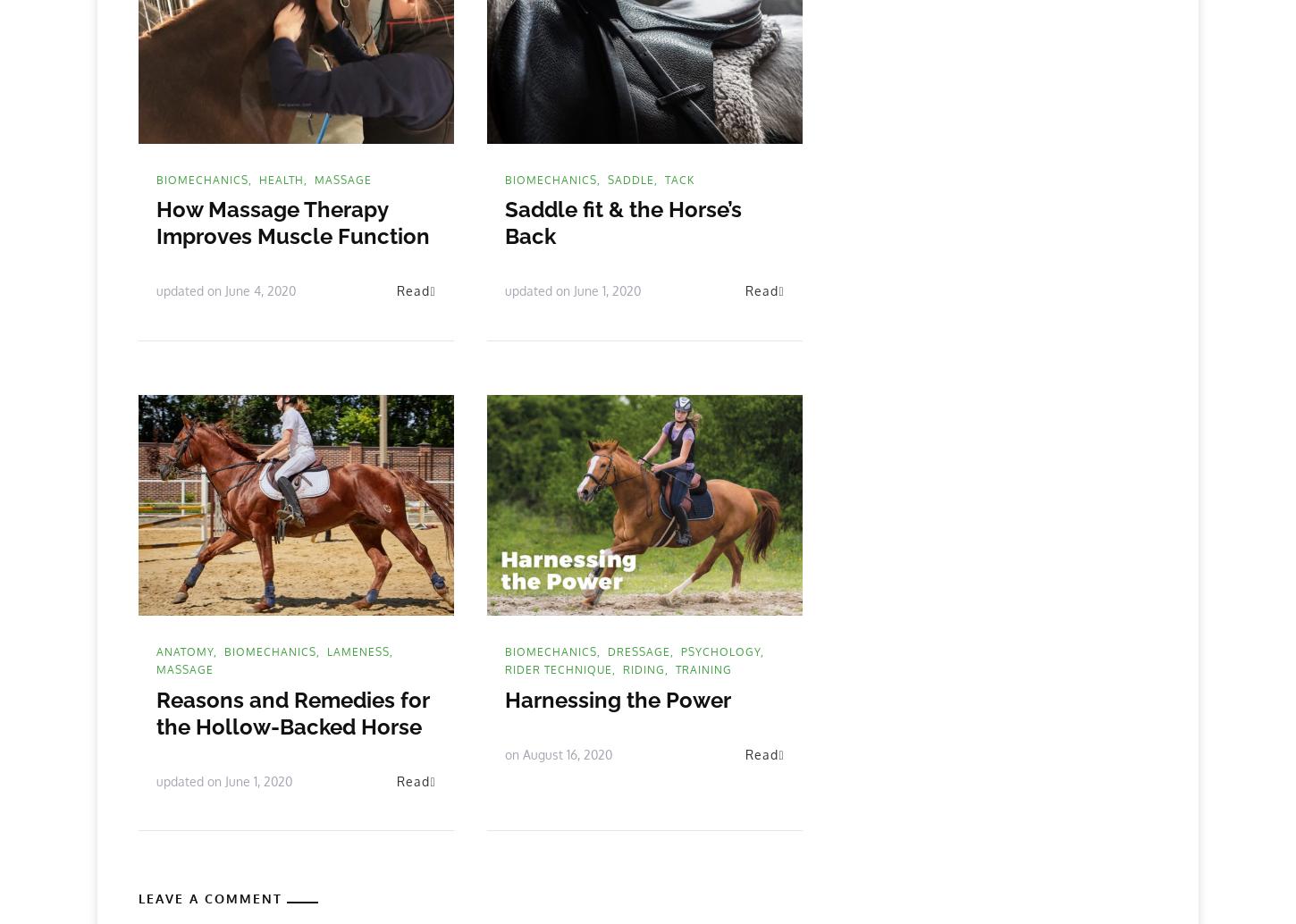  What do you see at coordinates (720, 651) in the screenshot?
I see `'psychology'` at bounding box center [720, 651].